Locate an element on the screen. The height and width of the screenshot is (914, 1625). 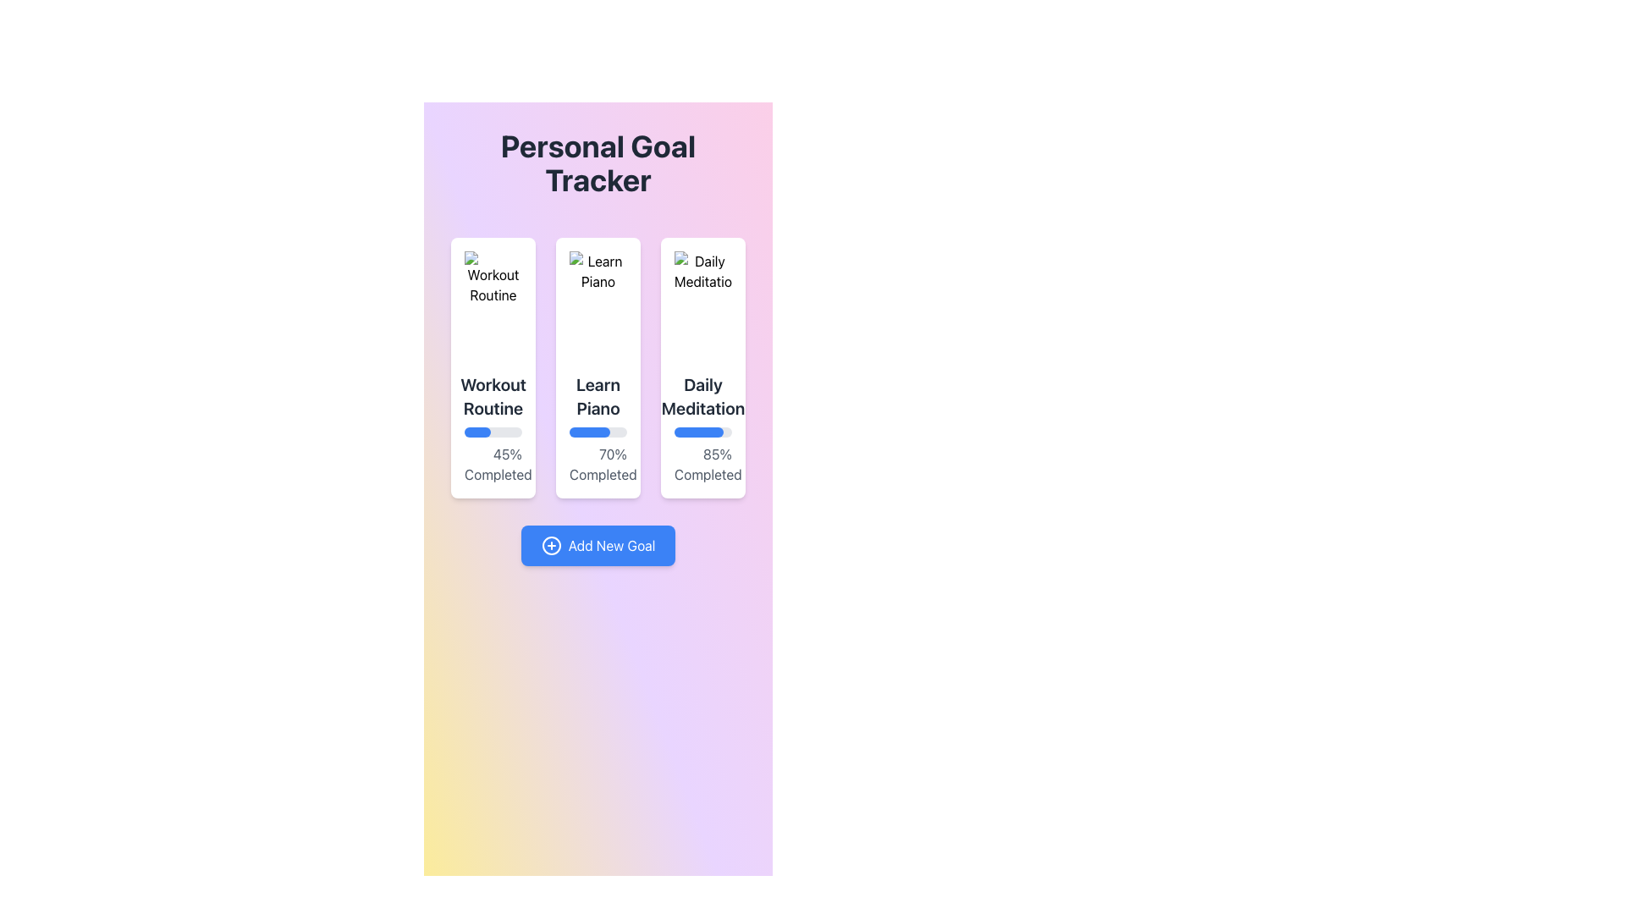
the blue rounded rectangle button labeled 'Add New Goal' is located at coordinates (598, 545).